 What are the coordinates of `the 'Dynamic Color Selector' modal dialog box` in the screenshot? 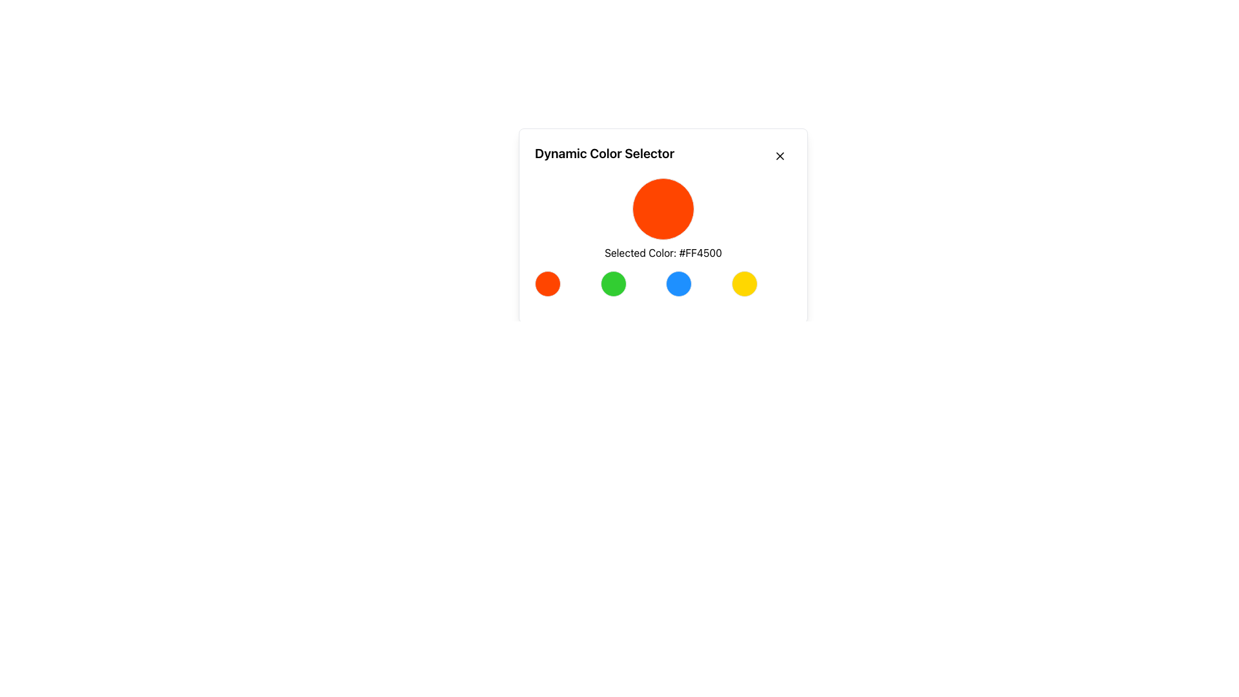 It's located at (663, 216).